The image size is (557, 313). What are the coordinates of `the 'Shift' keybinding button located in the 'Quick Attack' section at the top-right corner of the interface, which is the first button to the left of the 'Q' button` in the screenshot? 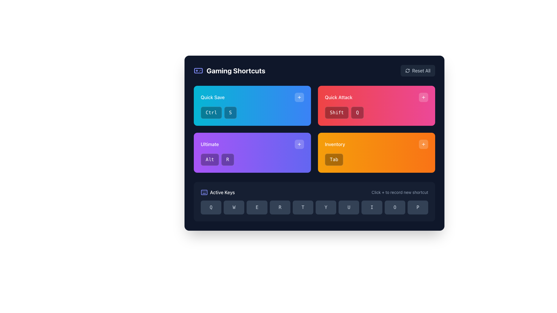 It's located at (337, 113).